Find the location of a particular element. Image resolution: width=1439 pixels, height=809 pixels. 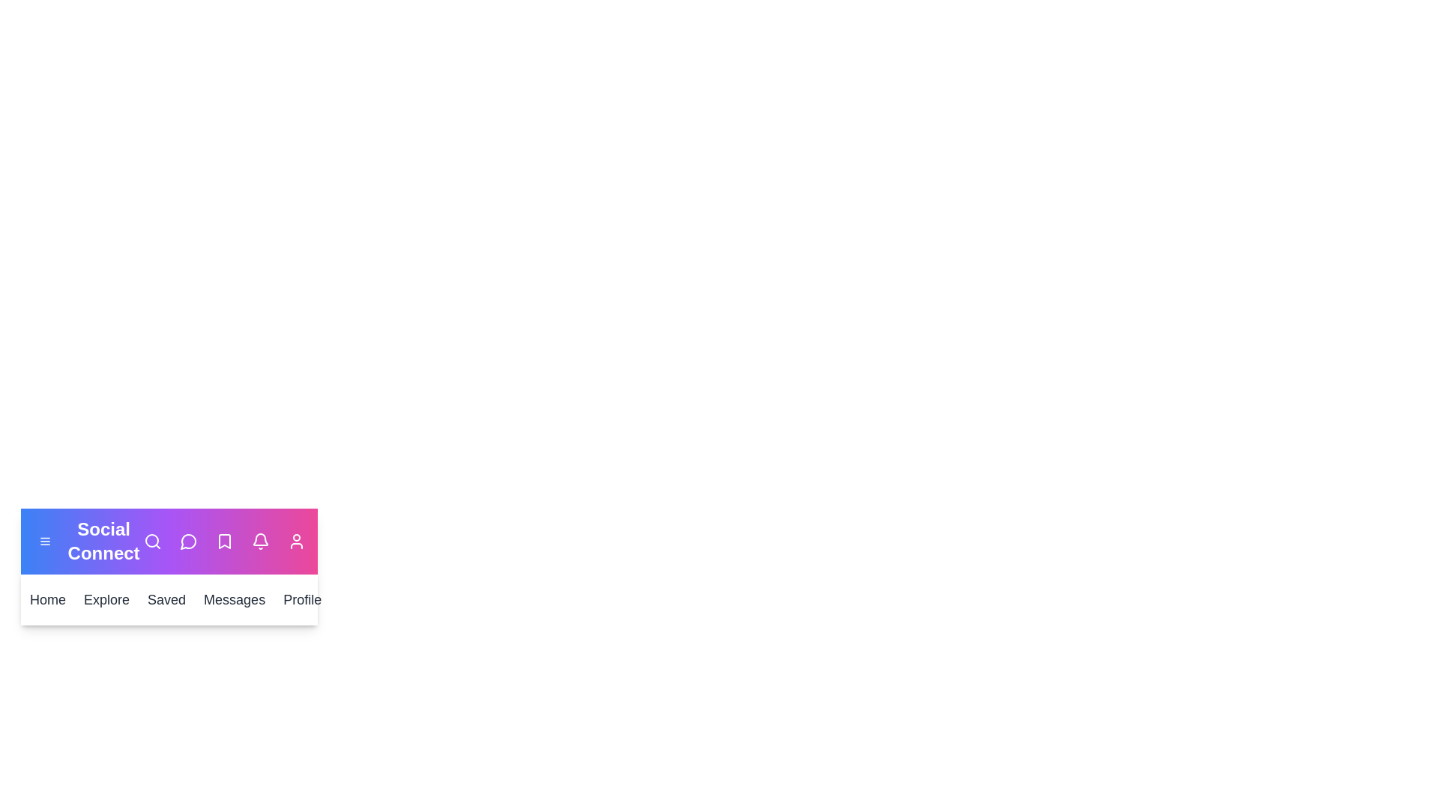

the menu icon to toggle the menu visibility is located at coordinates (44, 541).